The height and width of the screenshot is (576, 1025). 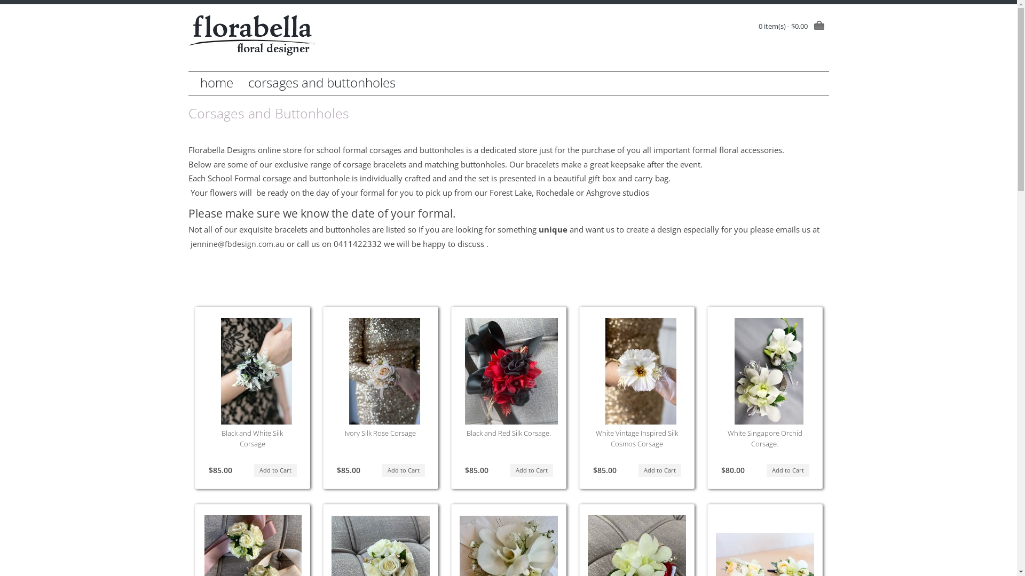 I want to click on 'Add to Cart', so click(x=253, y=470).